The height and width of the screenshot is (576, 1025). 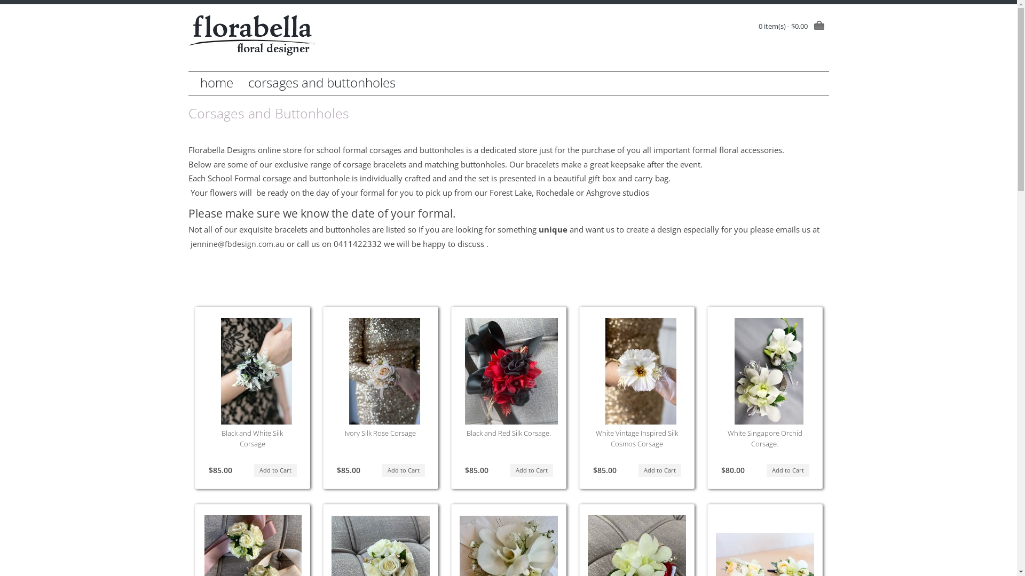 I want to click on 'Add to Cart', so click(x=253, y=470).